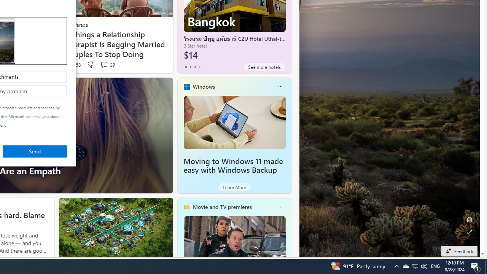 This screenshot has width=487, height=274. What do you see at coordinates (396, 266) in the screenshot?
I see `'Notification Chevron'` at bounding box center [396, 266].